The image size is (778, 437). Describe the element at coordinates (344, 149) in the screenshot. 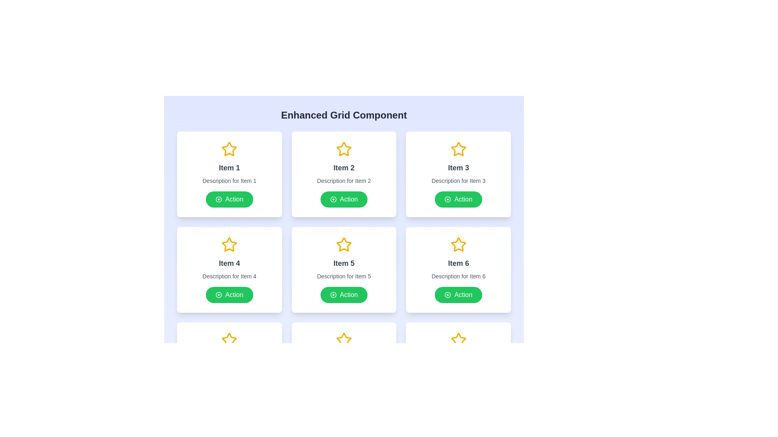

I see `the star icon with a yellow border, located above the text 'Item 2'` at that location.